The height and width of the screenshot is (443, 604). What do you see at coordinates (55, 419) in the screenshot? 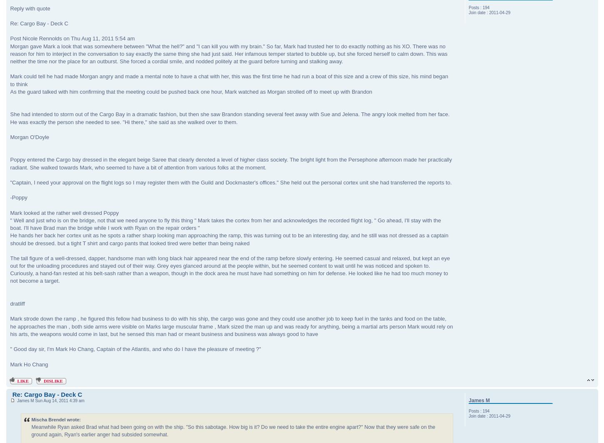
I see `'Mischa Brendel wrote:'` at bounding box center [55, 419].